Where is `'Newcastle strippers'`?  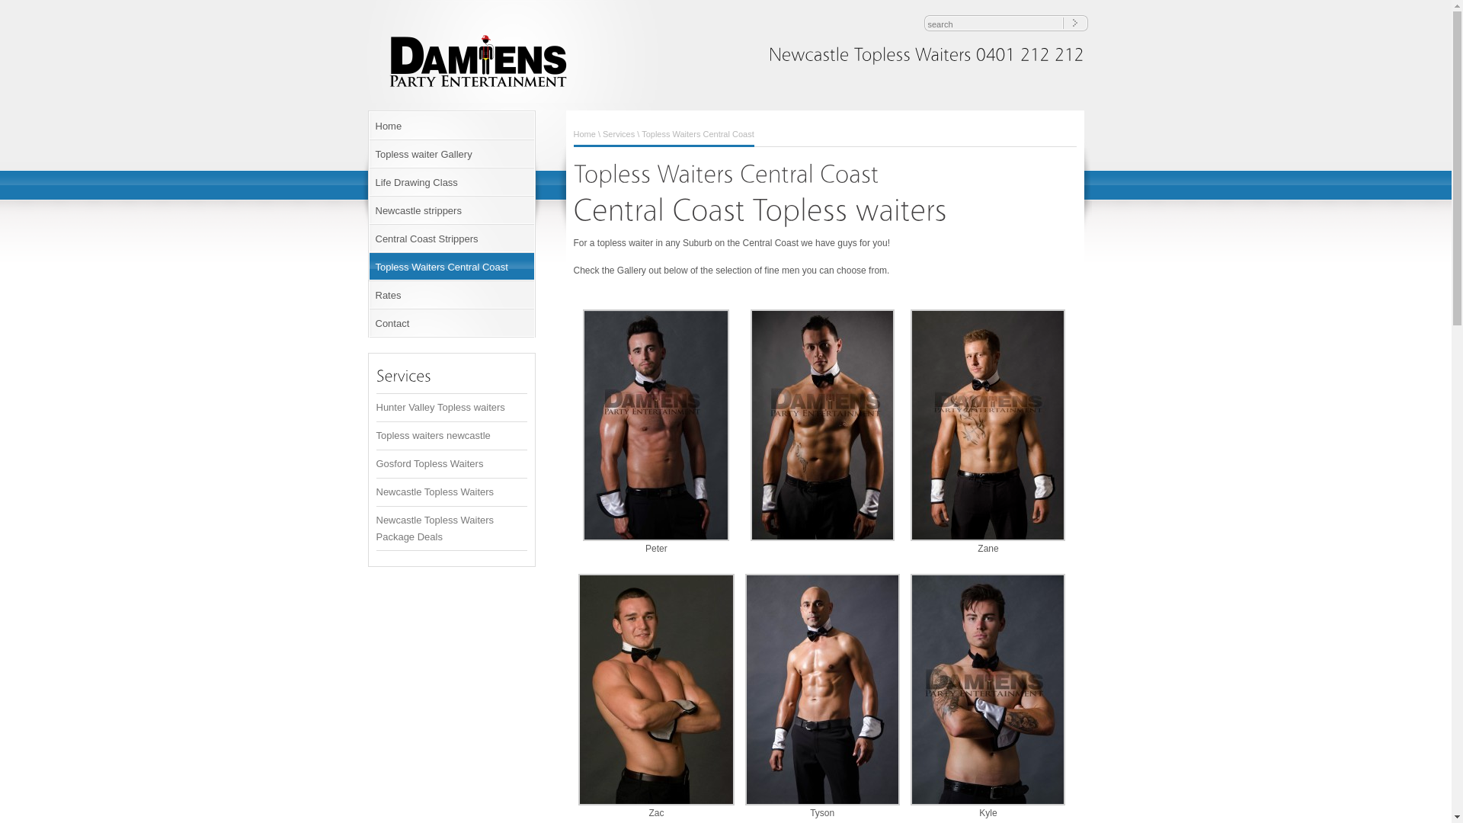 'Newcastle strippers' is located at coordinates (450, 210).